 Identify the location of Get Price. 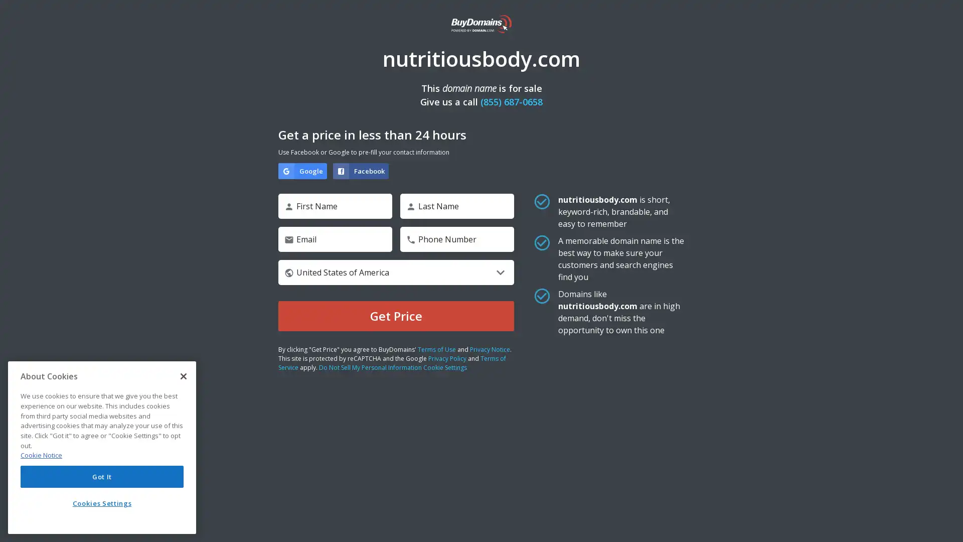
(396, 315).